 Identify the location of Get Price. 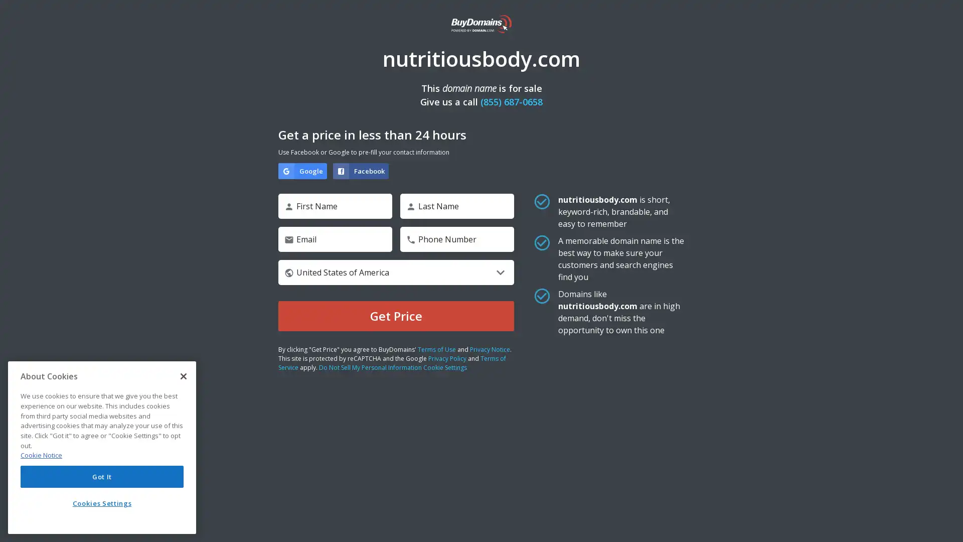
(396, 315).